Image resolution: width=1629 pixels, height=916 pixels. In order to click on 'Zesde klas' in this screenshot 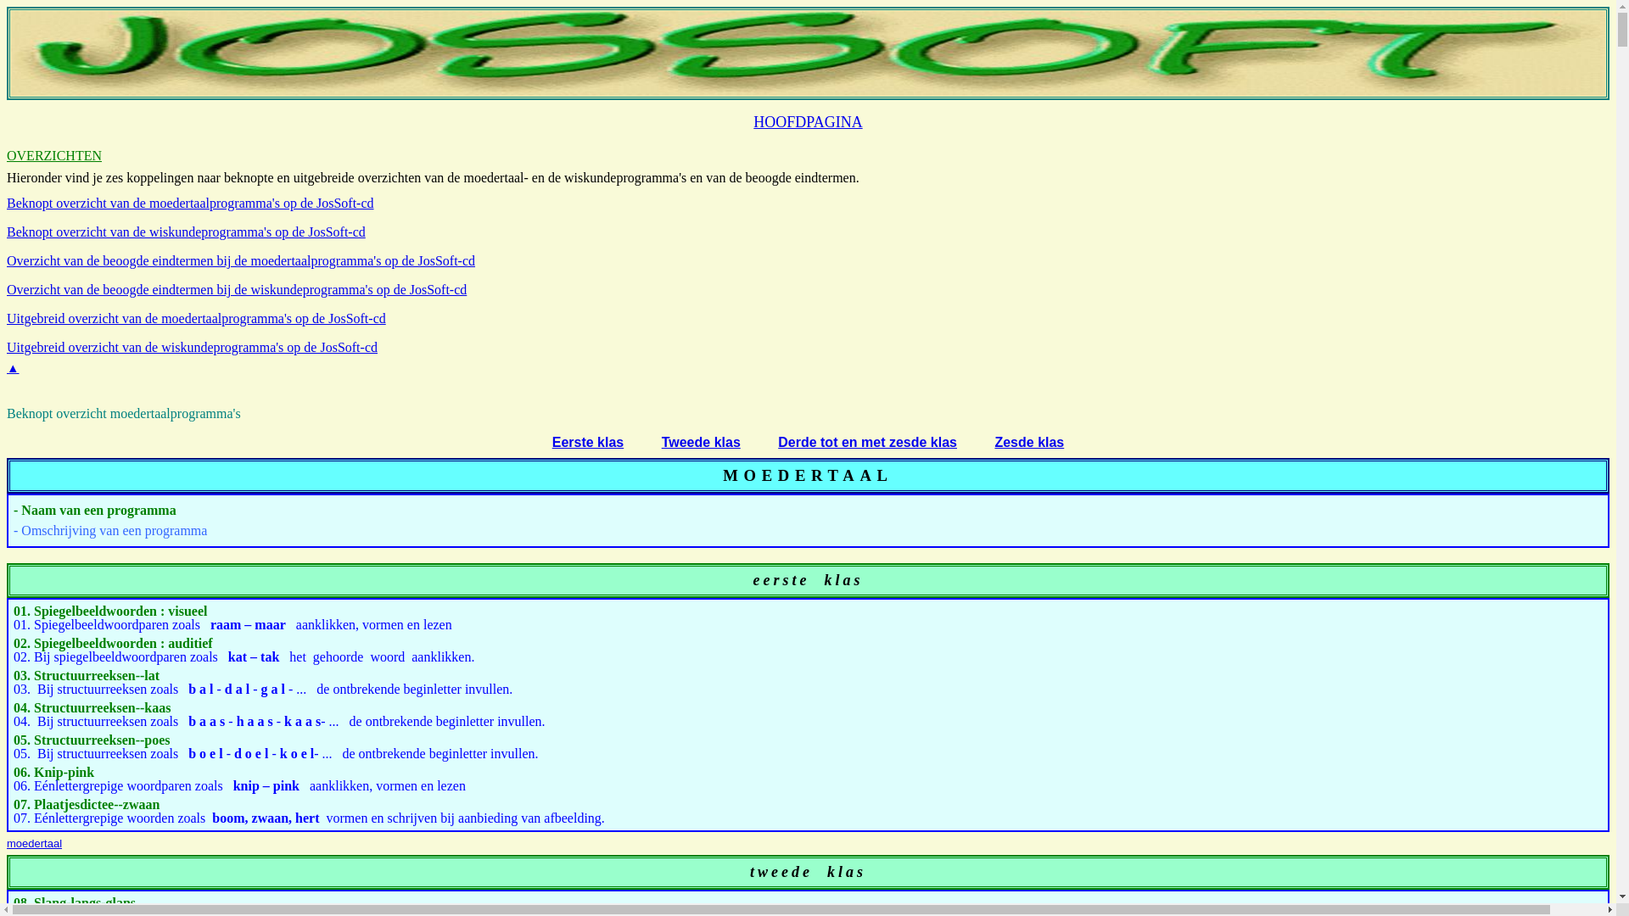, I will do `click(1028, 441)`.